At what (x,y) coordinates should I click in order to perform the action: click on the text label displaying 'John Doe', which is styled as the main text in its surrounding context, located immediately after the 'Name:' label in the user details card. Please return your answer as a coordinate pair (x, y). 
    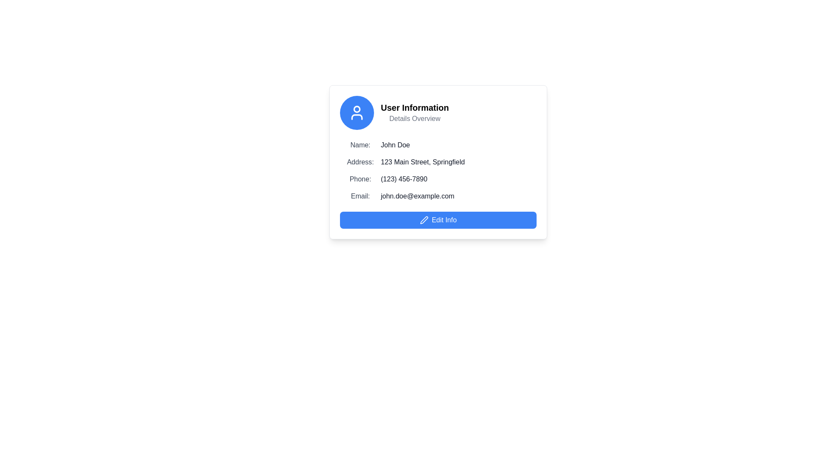
    Looking at the image, I should click on (395, 144).